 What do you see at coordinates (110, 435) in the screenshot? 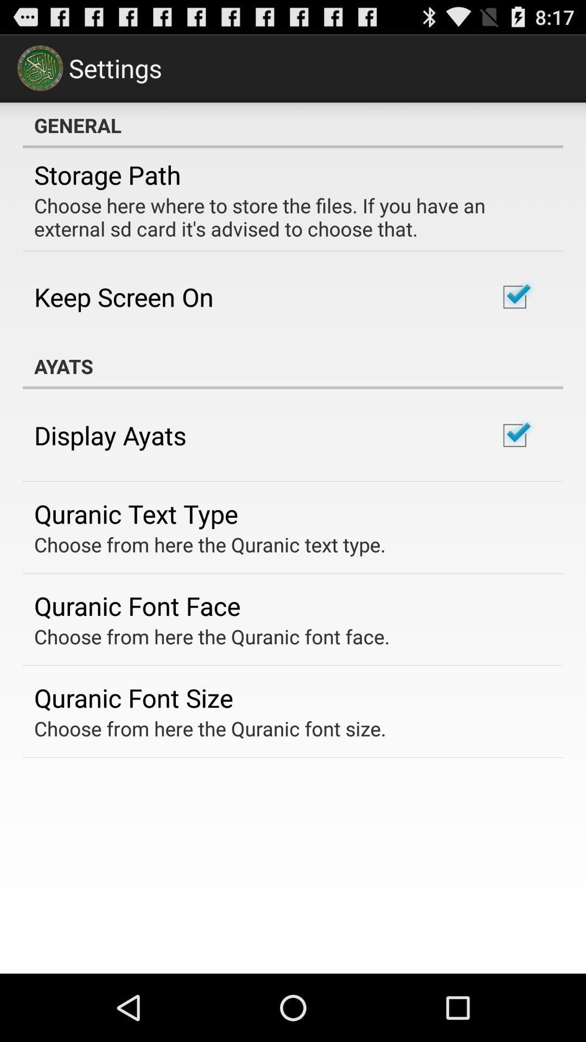
I see `display ayats item` at bounding box center [110, 435].